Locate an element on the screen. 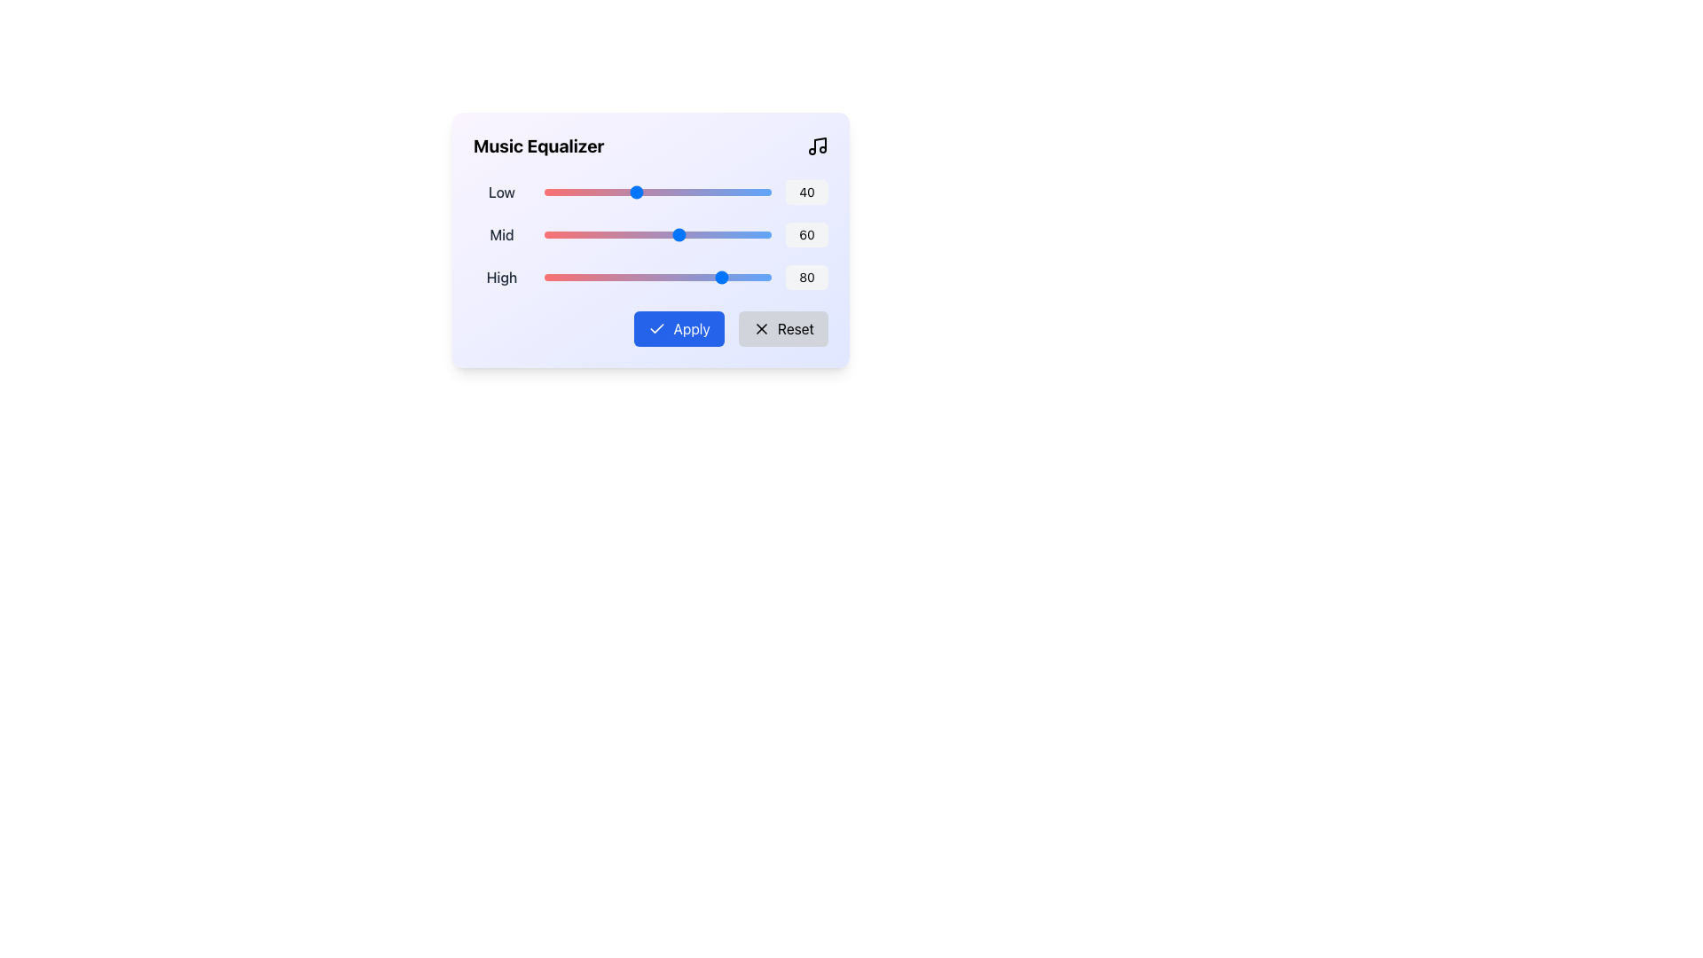  the appearance of the checkmark icon located on the left side of the 'Apply' button within the music equalizer configuration UI is located at coordinates (656, 328).